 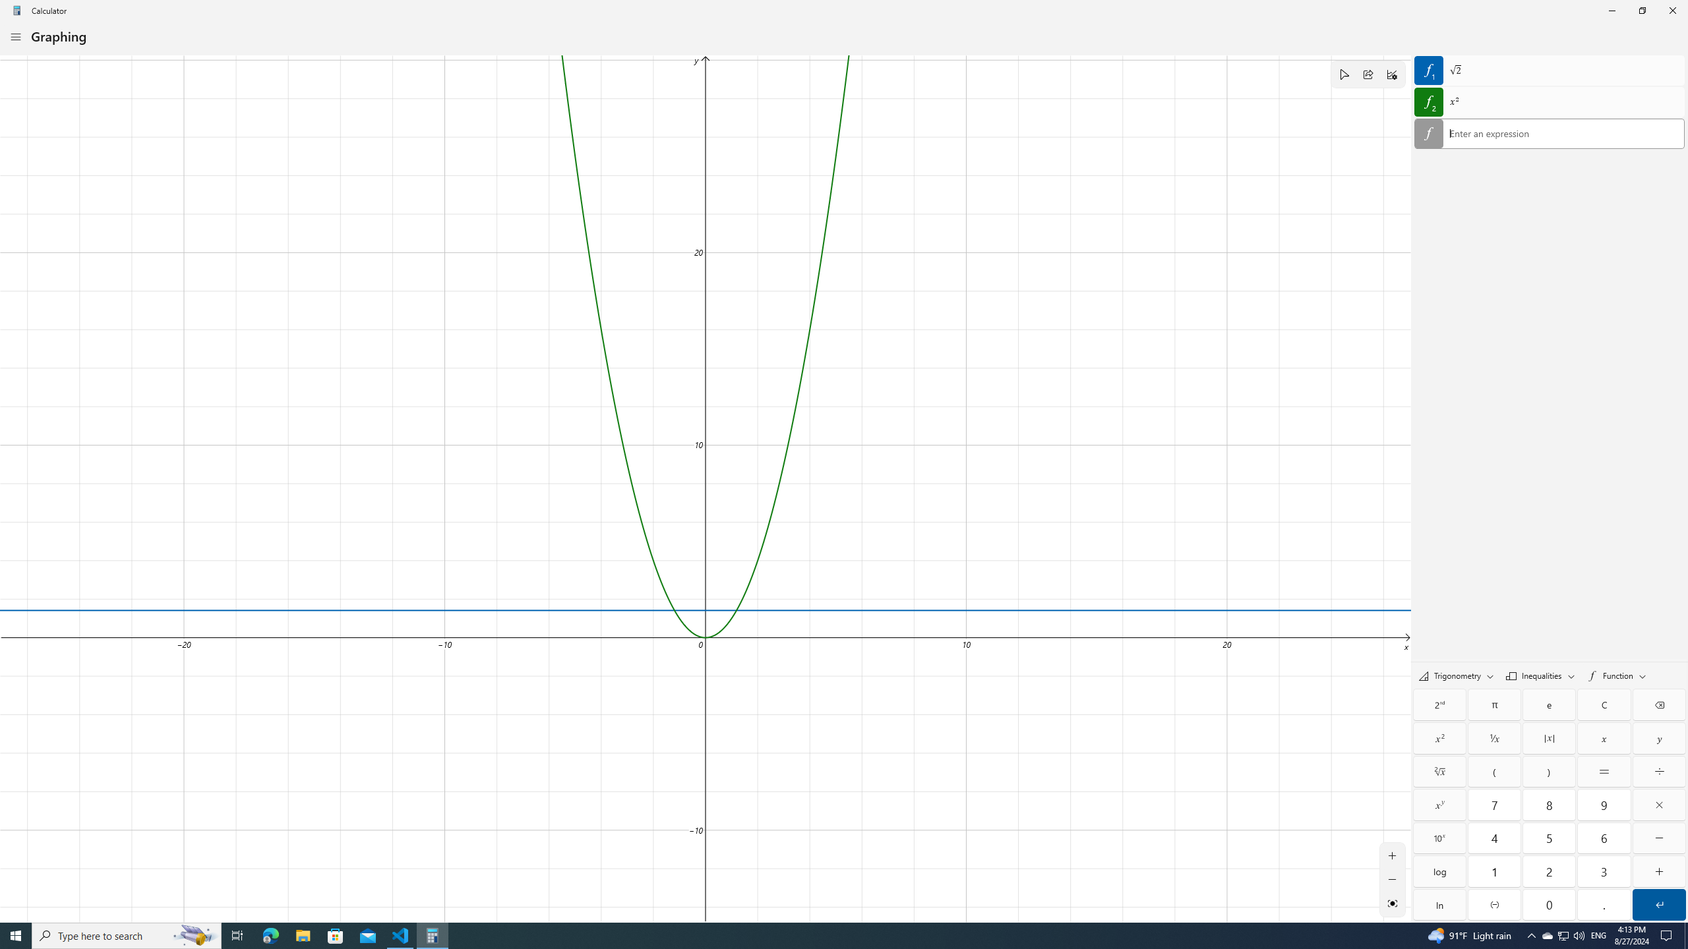 I want to click on 'Zero', so click(x=1549, y=904).